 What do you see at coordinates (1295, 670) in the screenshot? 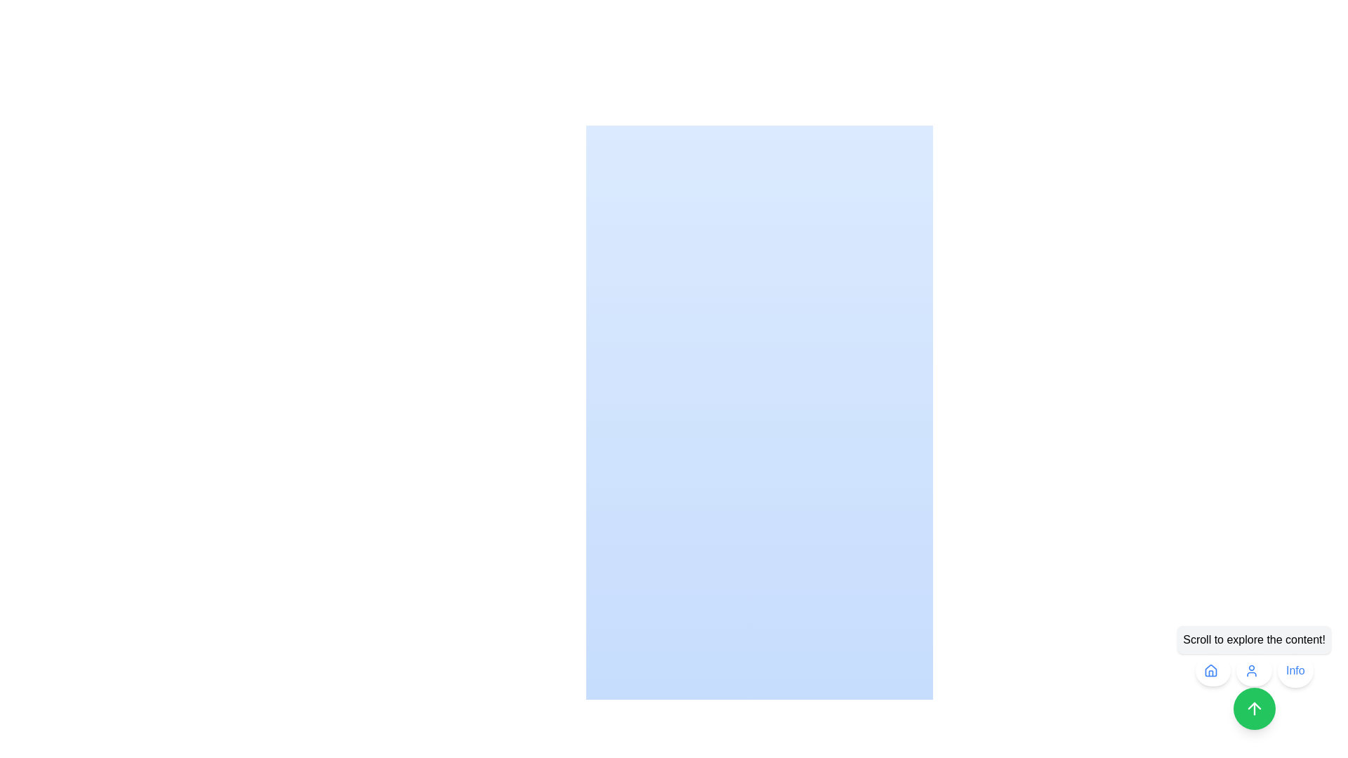
I see `the rounded button labeled 'Info' with a white background and blue text` at bounding box center [1295, 670].